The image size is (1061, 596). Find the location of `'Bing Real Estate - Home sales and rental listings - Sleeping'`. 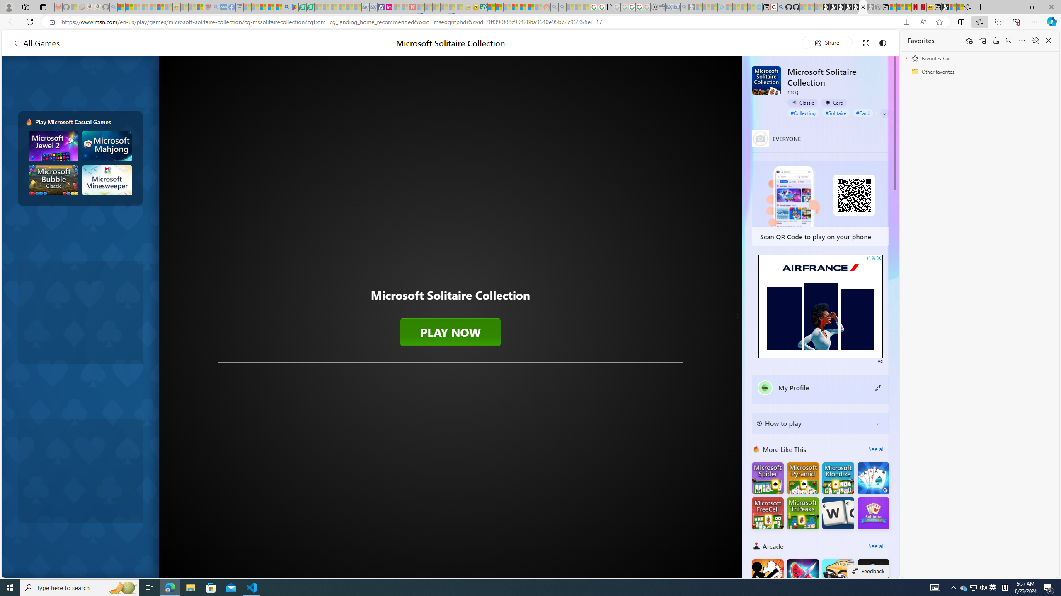

'Bing Real Estate - Home sales and rental listings - Sleeping' is located at coordinates (684, 7).